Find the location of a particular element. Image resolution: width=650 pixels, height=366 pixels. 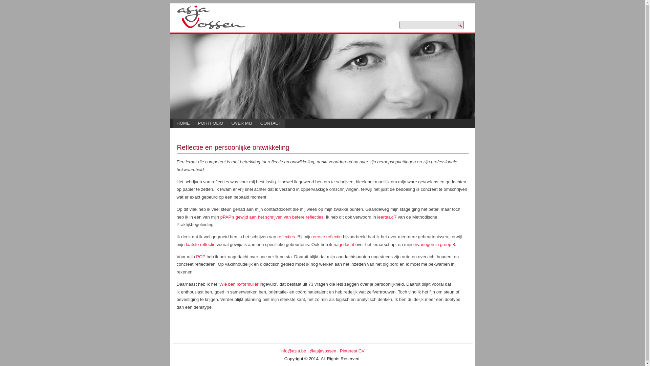

'CONTACT' is located at coordinates (256, 123).